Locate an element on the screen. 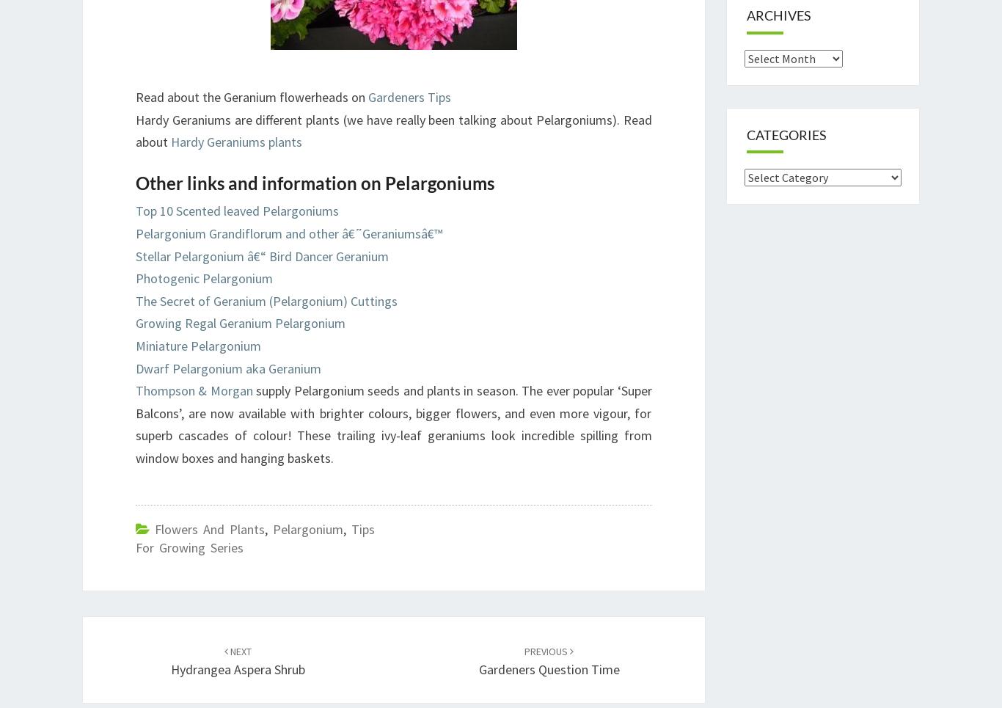 The width and height of the screenshot is (1002, 708). 'Flowers and Plants' is located at coordinates (154, 528).